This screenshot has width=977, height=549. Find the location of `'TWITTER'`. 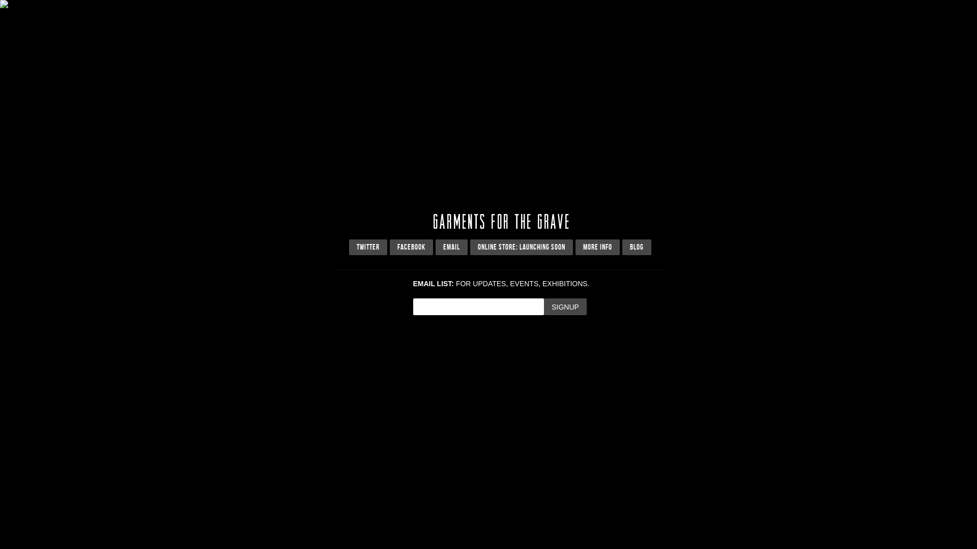

'TWITTER' is located at coordinates (367, 247).